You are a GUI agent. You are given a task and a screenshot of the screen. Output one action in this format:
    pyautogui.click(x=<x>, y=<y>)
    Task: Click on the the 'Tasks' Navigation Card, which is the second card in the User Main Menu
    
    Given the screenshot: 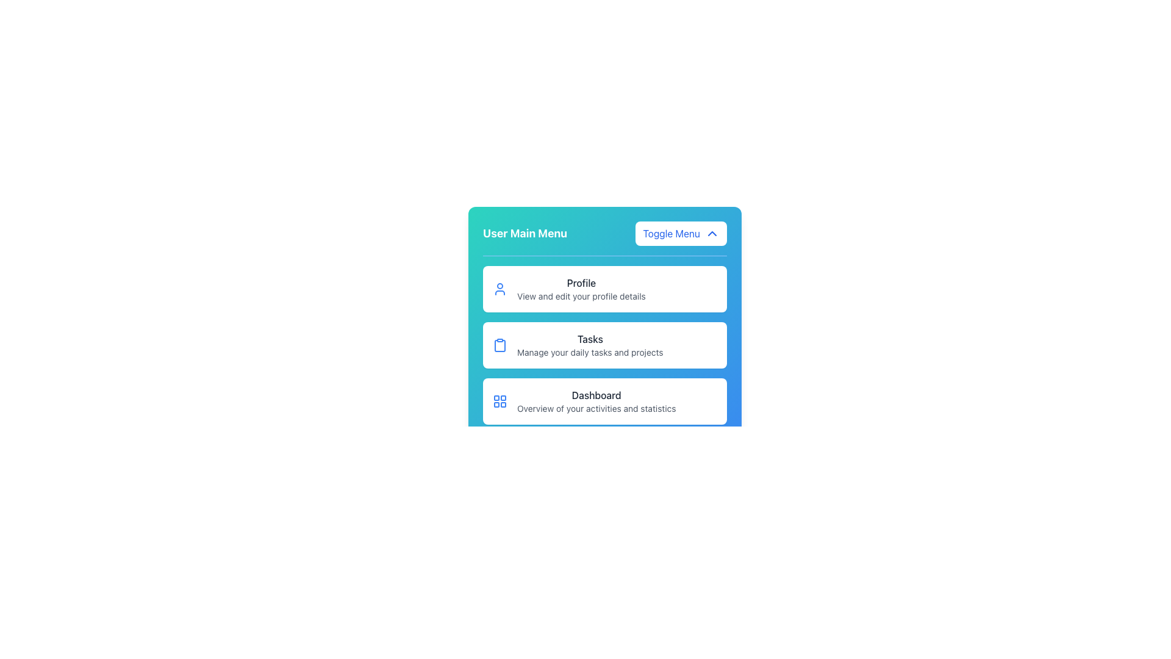 What is the action you would take?
    pyautogui.click(x=605, y=345)
    